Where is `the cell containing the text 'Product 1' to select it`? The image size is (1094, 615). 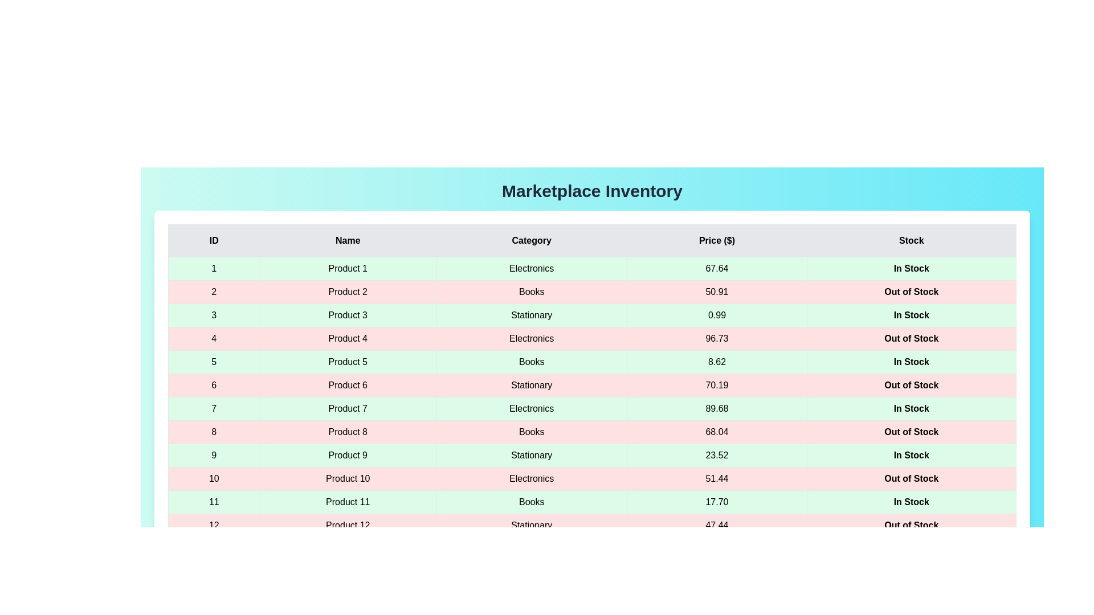 the cell containing the text 'Product 1' to select it is located at coordinates (346, 268).